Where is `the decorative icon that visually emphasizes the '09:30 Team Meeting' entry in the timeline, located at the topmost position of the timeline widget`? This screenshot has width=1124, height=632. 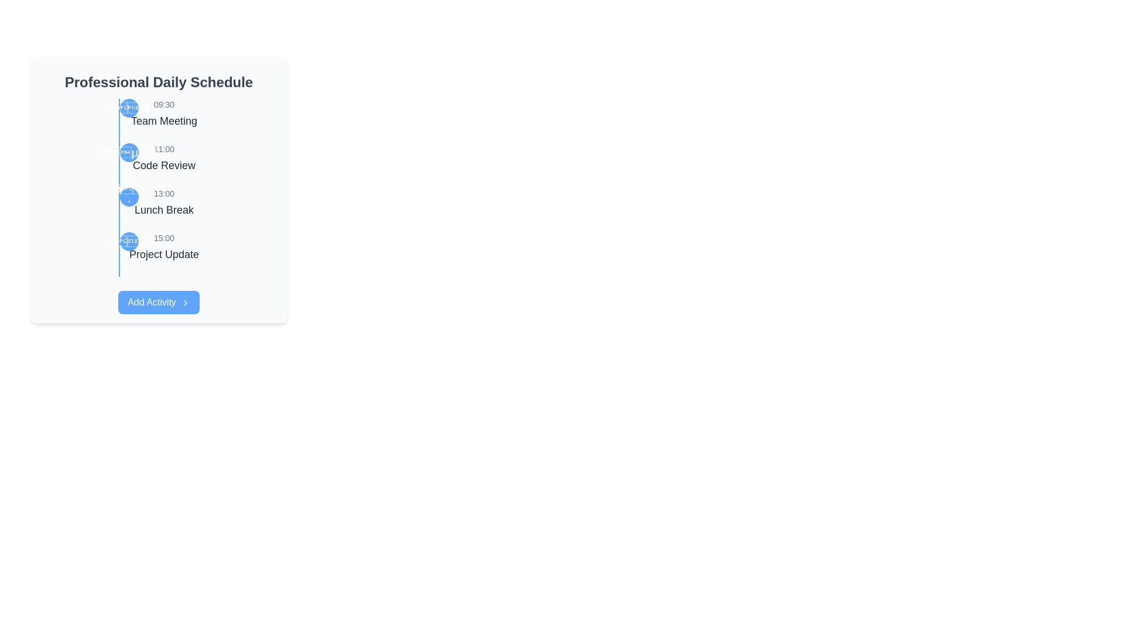
the decorative icon that visually emphasizes the '09:30 Team Meeting' entry in the timeline, located at the topmost position of the timeline widget is located at coordinates (129, 108).